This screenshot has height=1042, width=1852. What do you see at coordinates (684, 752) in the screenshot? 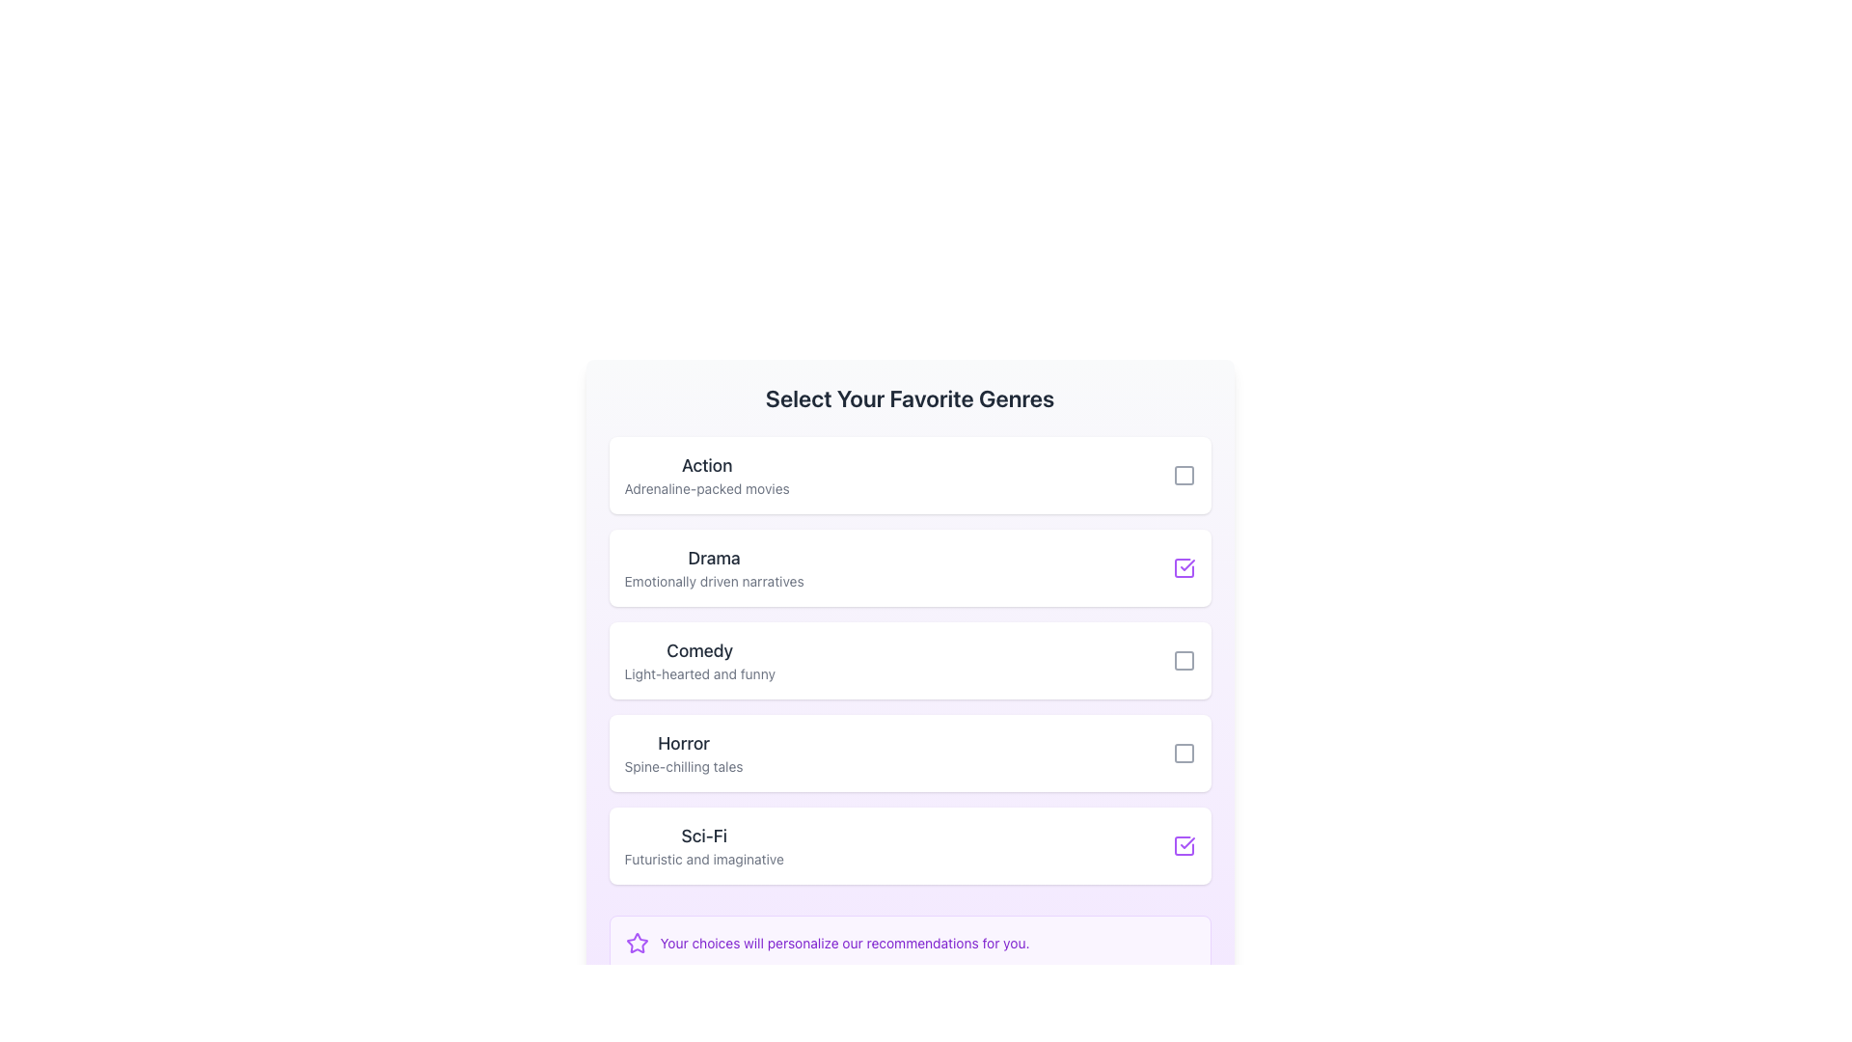
I see `the label displaying 'Horror' with the description 'Spine-chilling tales', which is located in the fourth row of genre options, positioned between the 'Comedy' and 'Sci-Fi' cards` at bounding box center [684, 752].